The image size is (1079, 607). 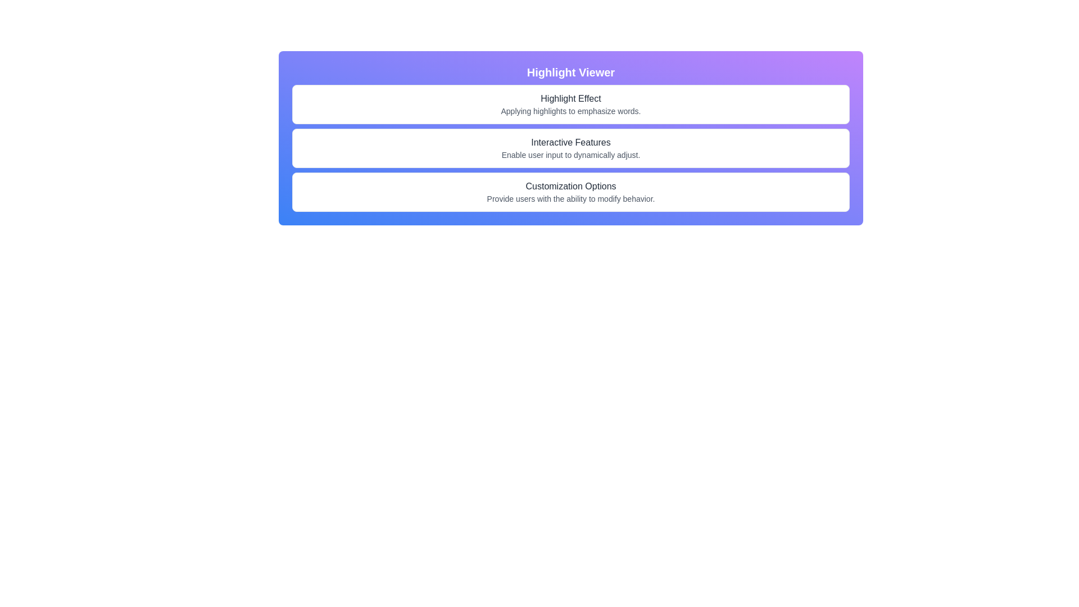 What do you see at coordinates (565, 185) in the screenshot?
I see `the lowercase letter 'a' which is styled with an underline on hover, located at the end of the label 'Customization Options' in the third row` at bounding box center [565, 185].